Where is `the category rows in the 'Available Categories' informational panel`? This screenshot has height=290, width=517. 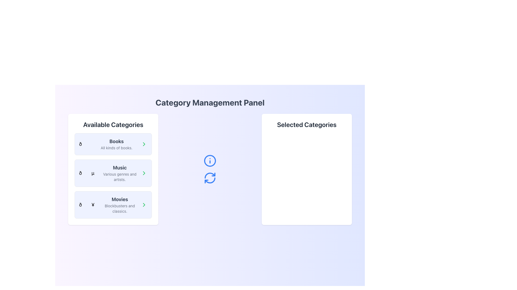
the category rows in the 'Available Categories' informational panel is located at coordinates (113, 169).